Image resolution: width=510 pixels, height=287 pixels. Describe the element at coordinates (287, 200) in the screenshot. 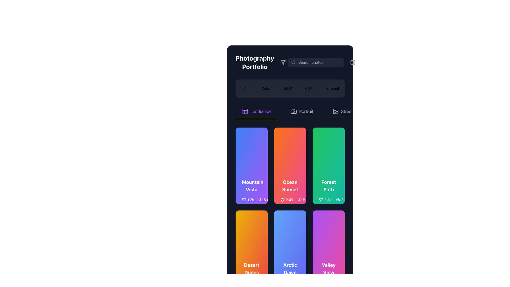

I see `the number text next to the heart icon in the likes display beneath the 'Ocean Sunset' card` at that location.